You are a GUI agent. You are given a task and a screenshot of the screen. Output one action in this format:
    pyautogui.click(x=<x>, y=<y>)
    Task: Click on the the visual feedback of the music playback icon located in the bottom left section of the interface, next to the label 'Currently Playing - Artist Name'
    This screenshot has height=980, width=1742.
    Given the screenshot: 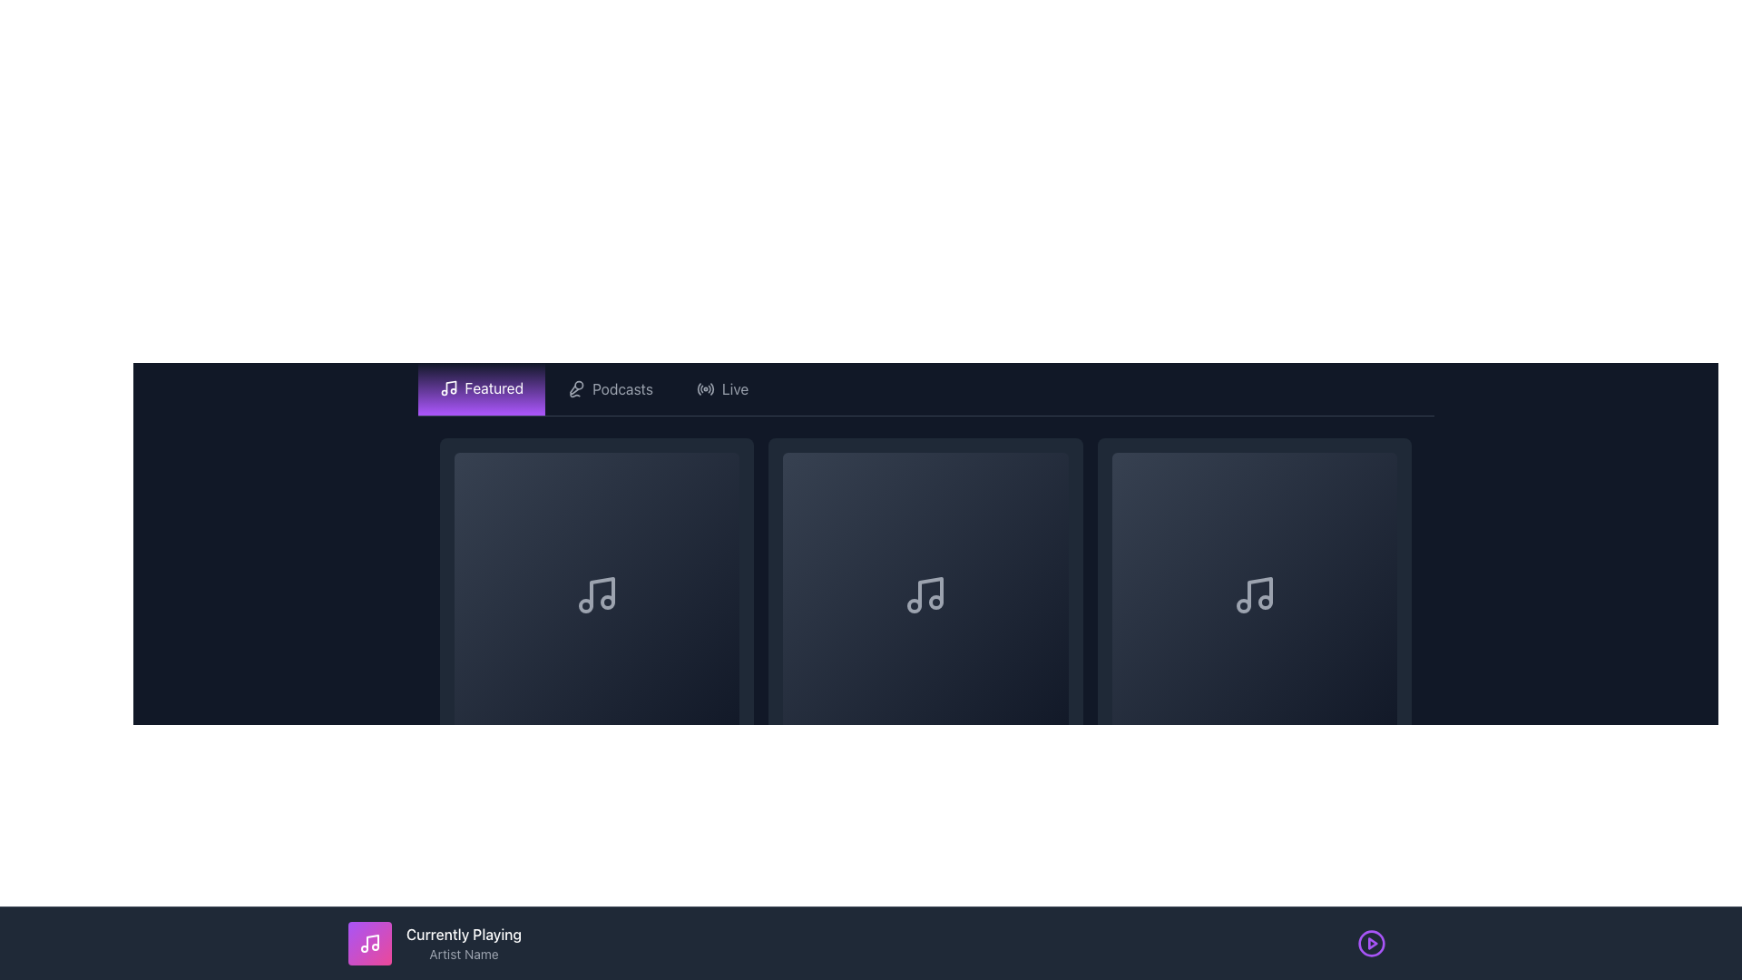 What is the action you would take?
    pyautogui.click(x=369, y=943)
    